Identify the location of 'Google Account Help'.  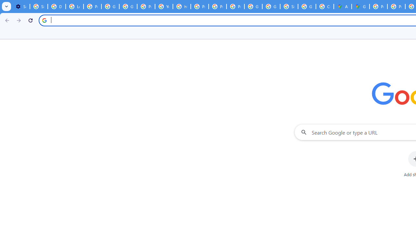
(110, 6).